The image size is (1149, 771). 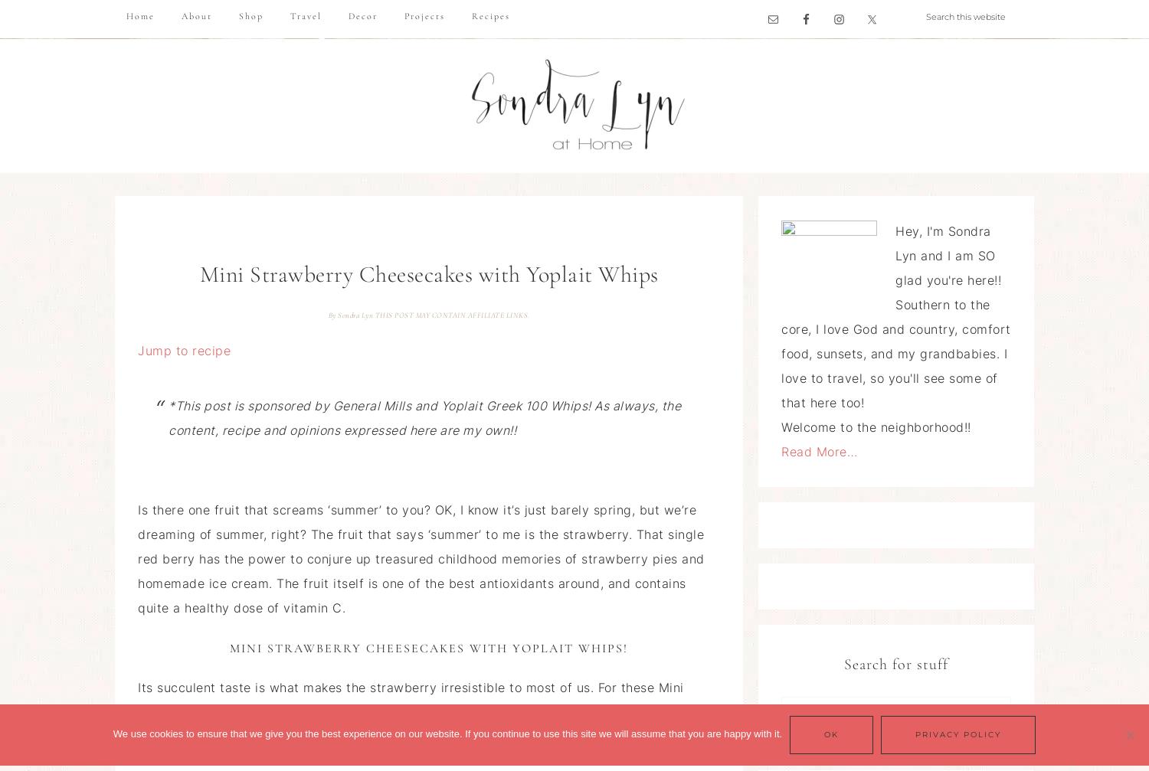 I want to click on 'Decor', so click(x=362, y=16).